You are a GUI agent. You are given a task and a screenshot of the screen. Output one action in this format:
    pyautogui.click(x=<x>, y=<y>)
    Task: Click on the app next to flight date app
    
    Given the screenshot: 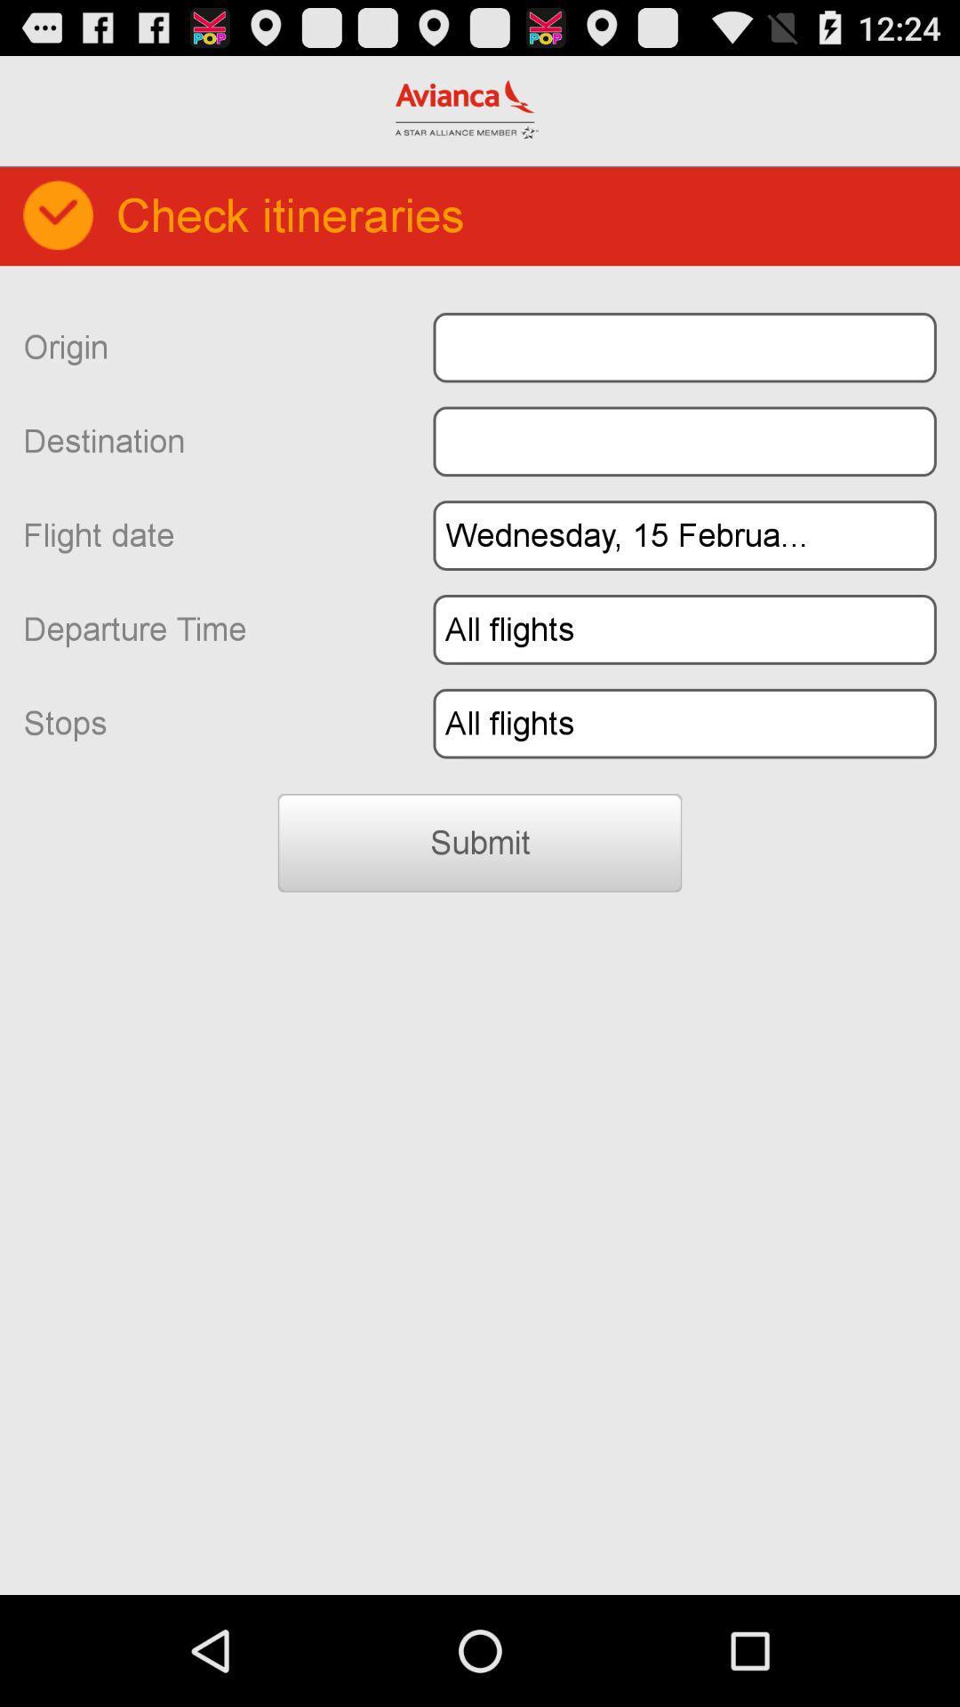 What is the action you would take?
    pyautogui.click(x=684, y=534)
    